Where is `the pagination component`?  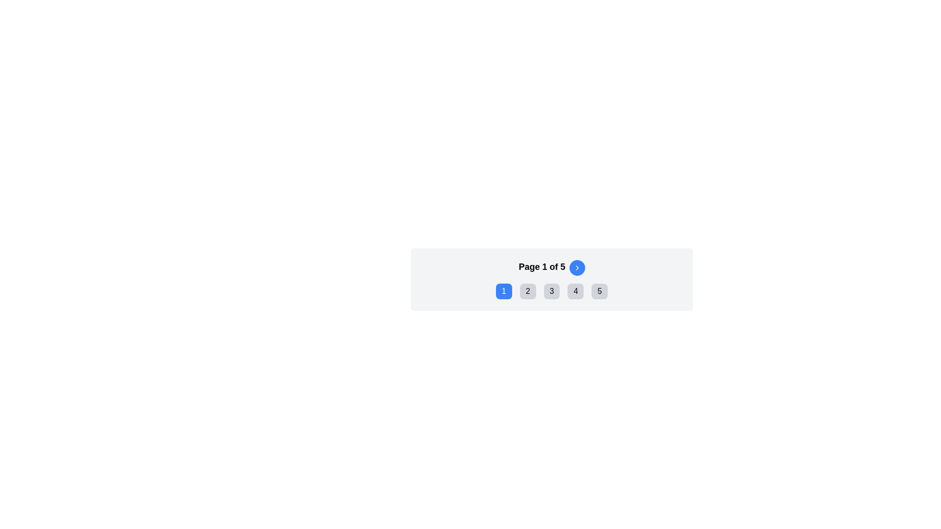 the pagination component is located at coordinates (552, 279).